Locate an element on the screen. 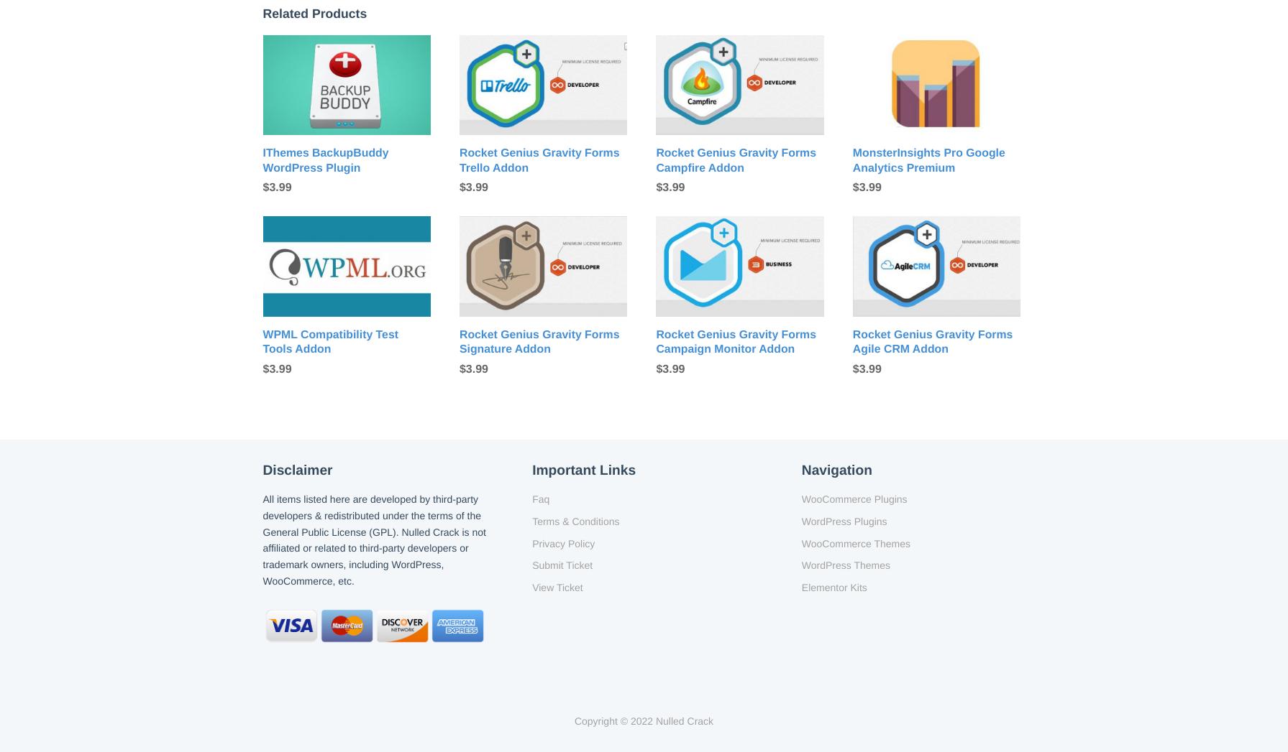 The height and width of the screenshot is (752, 1288). 'Navigation' is located at coordinates (836, 470).